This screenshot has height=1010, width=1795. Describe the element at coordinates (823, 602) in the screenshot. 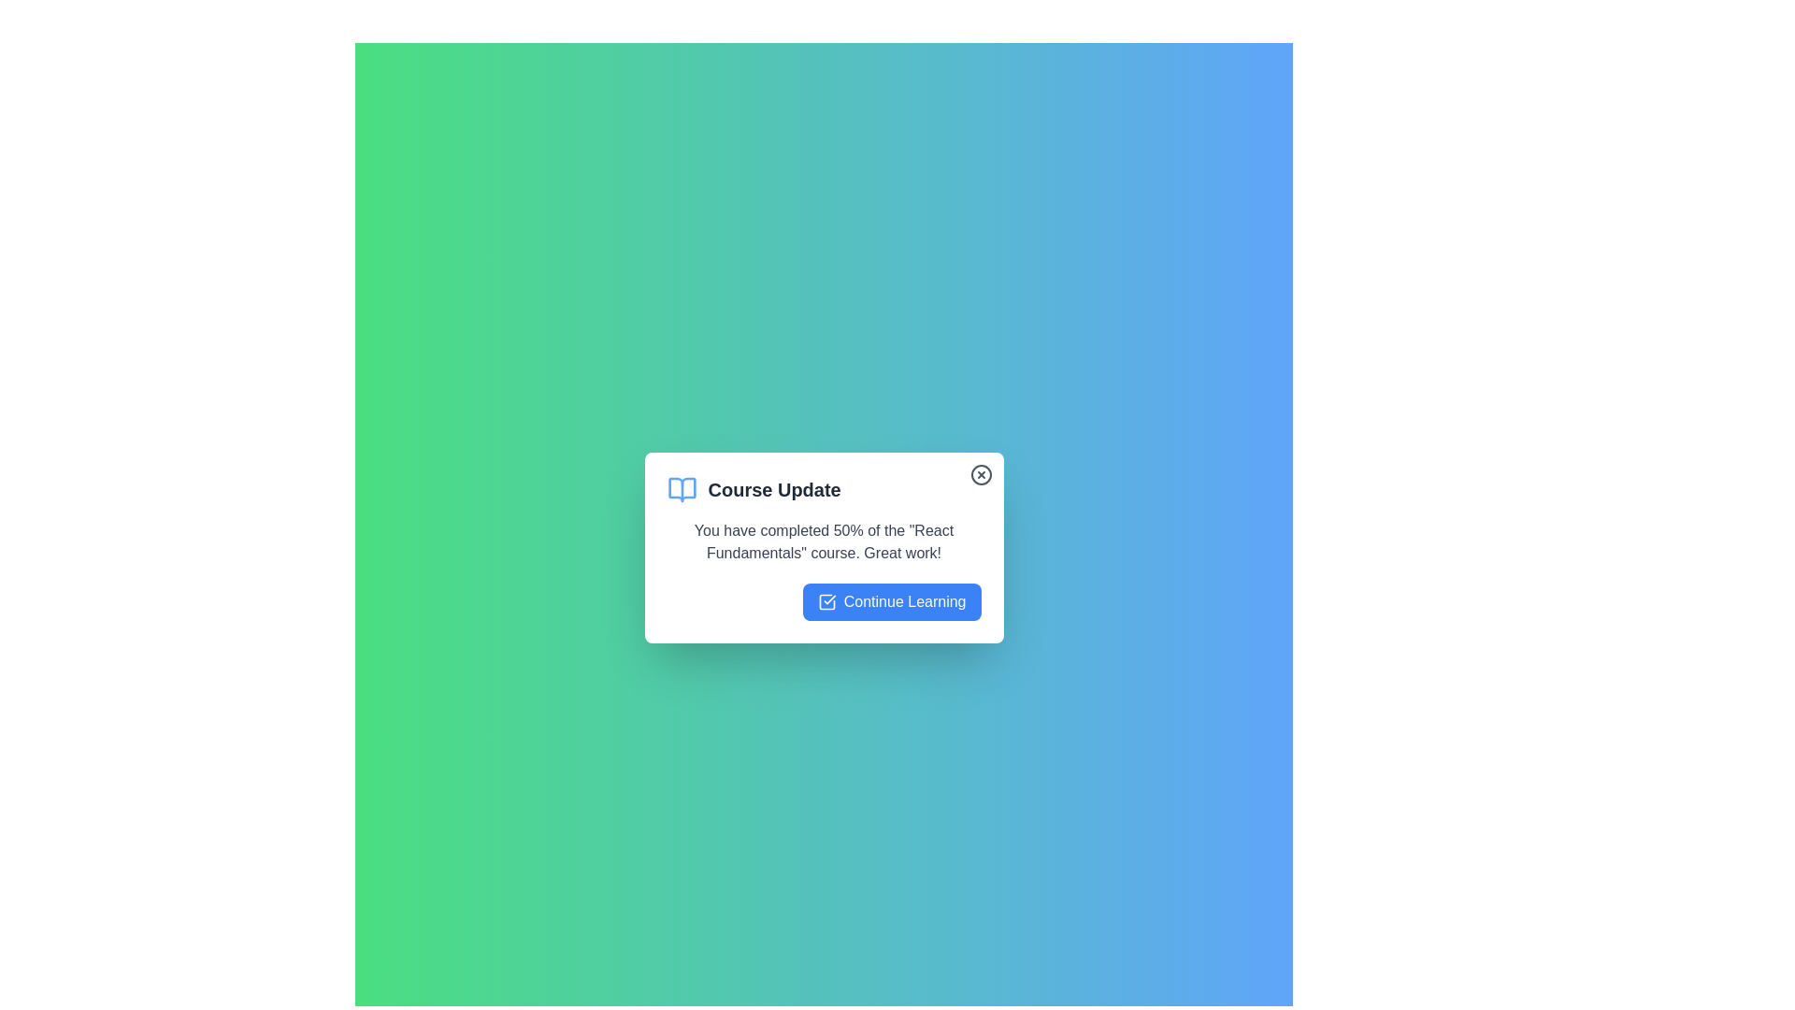

I see `the button that allows users to confirm or proceed with an action in the 'Course Update' dialog box for accessibility navigation` at that location.